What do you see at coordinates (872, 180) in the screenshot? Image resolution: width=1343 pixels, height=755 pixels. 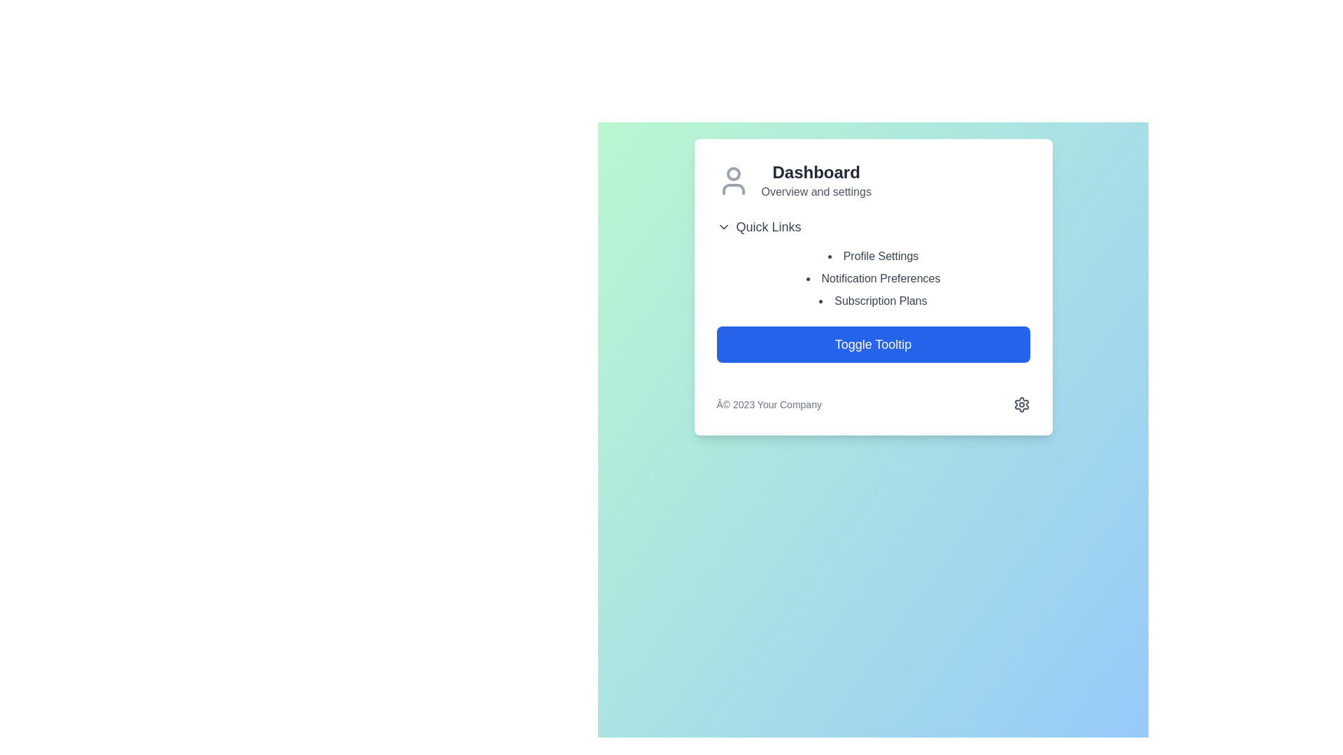 I see `the header informational block, which combines an icon and textual labels` at bounding box center [872, 180].